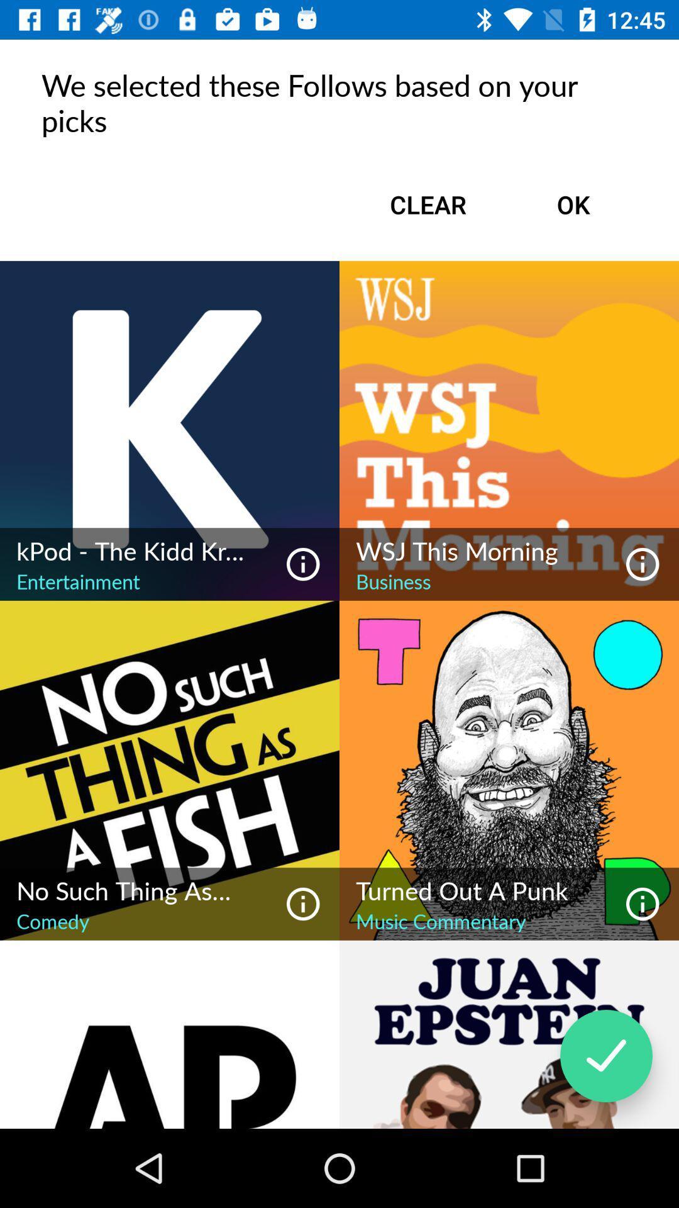  Describe the element at coordinates (428, 204) in the screenshot. I see `item next to the ok` at that location.